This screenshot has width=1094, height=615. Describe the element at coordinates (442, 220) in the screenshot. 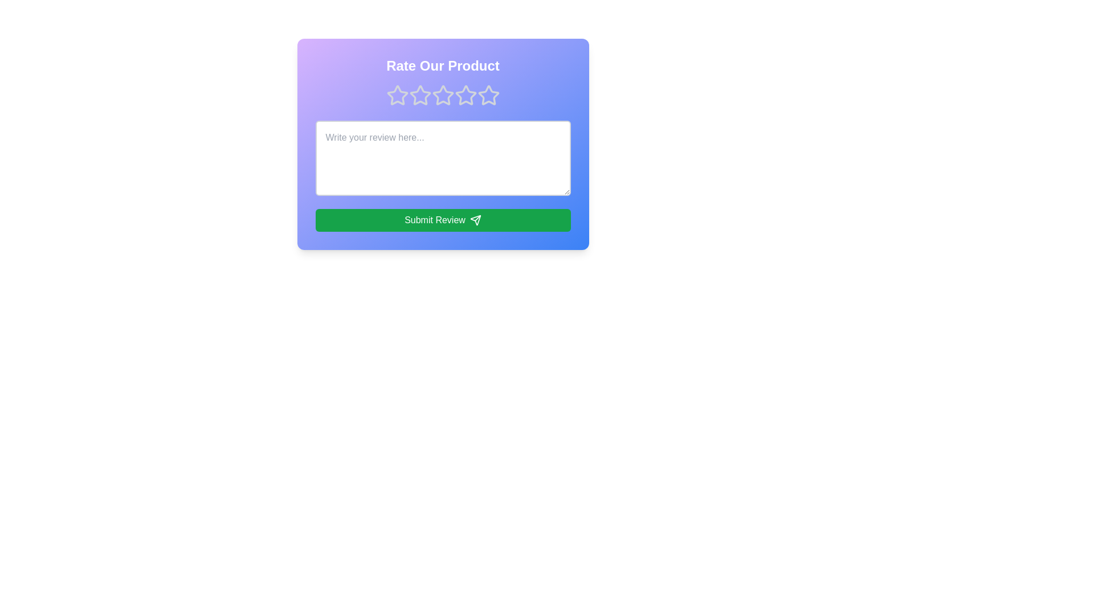

I see `the green 'Submit Review' button located at the bottom of the review section` at that location.